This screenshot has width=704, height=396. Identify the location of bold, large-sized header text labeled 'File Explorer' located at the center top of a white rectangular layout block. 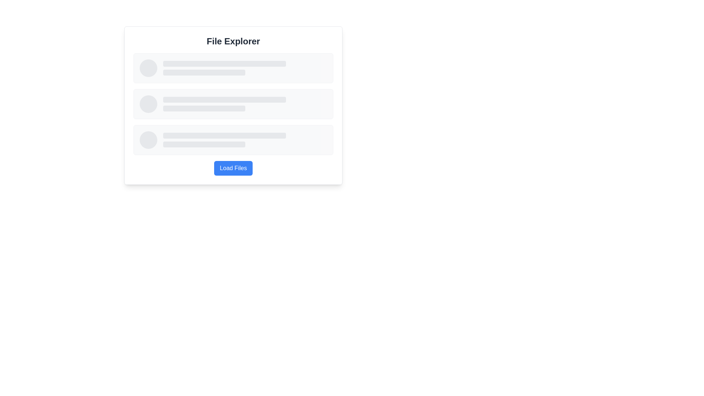
(233, 41).